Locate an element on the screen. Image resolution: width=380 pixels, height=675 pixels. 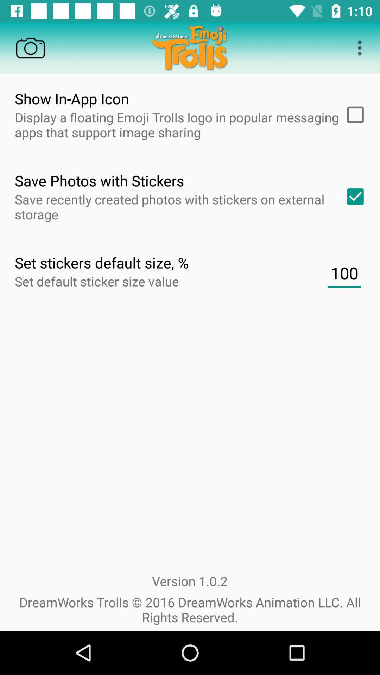
function is located at coordinates (353, 115).